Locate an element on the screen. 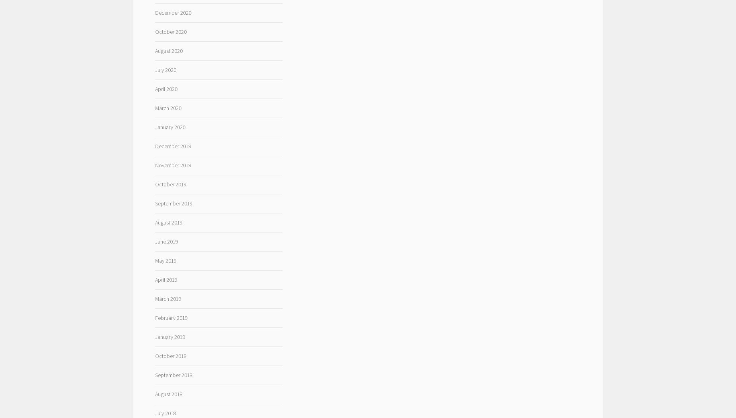 The width and height of the screenshot is (736, 418). 'July 2018' is located at coordinates (165, 412).